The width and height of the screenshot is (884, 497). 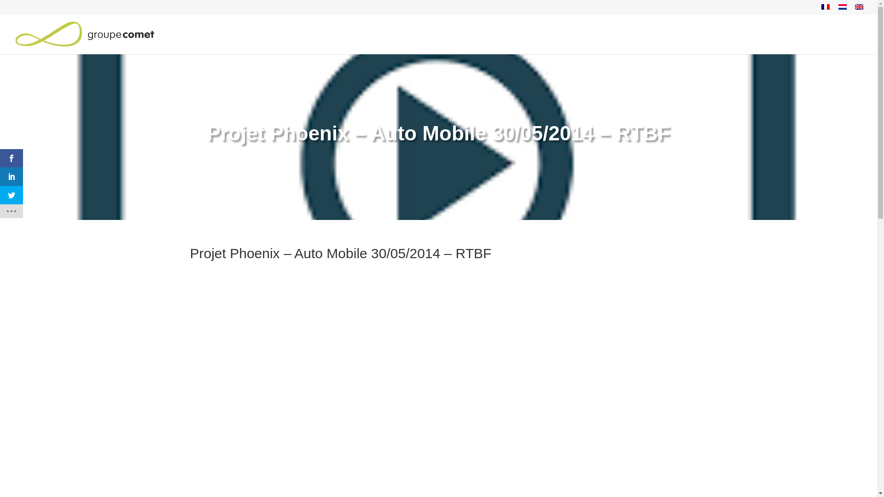 I want to click on 'English', so click(x=859, y=7).